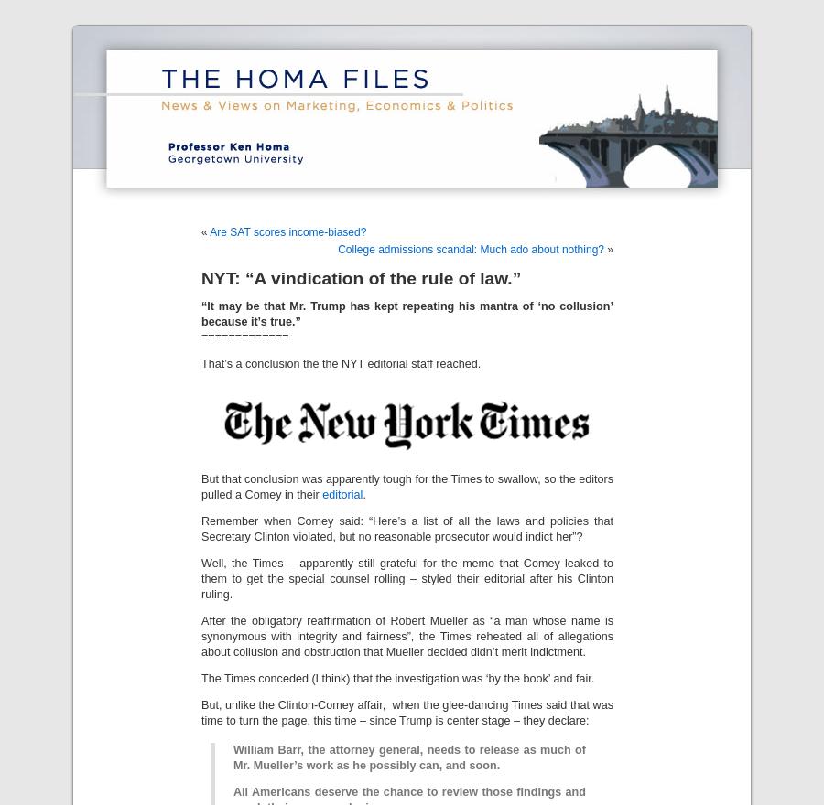 This screenshot has width=824, height=805. I want to click on 'Remember when Comey said: “Here’s a list of all the laws and policies that Secretary Clinton violated, but no reasonable prosecutor would indict her”?', so click(407, 528).